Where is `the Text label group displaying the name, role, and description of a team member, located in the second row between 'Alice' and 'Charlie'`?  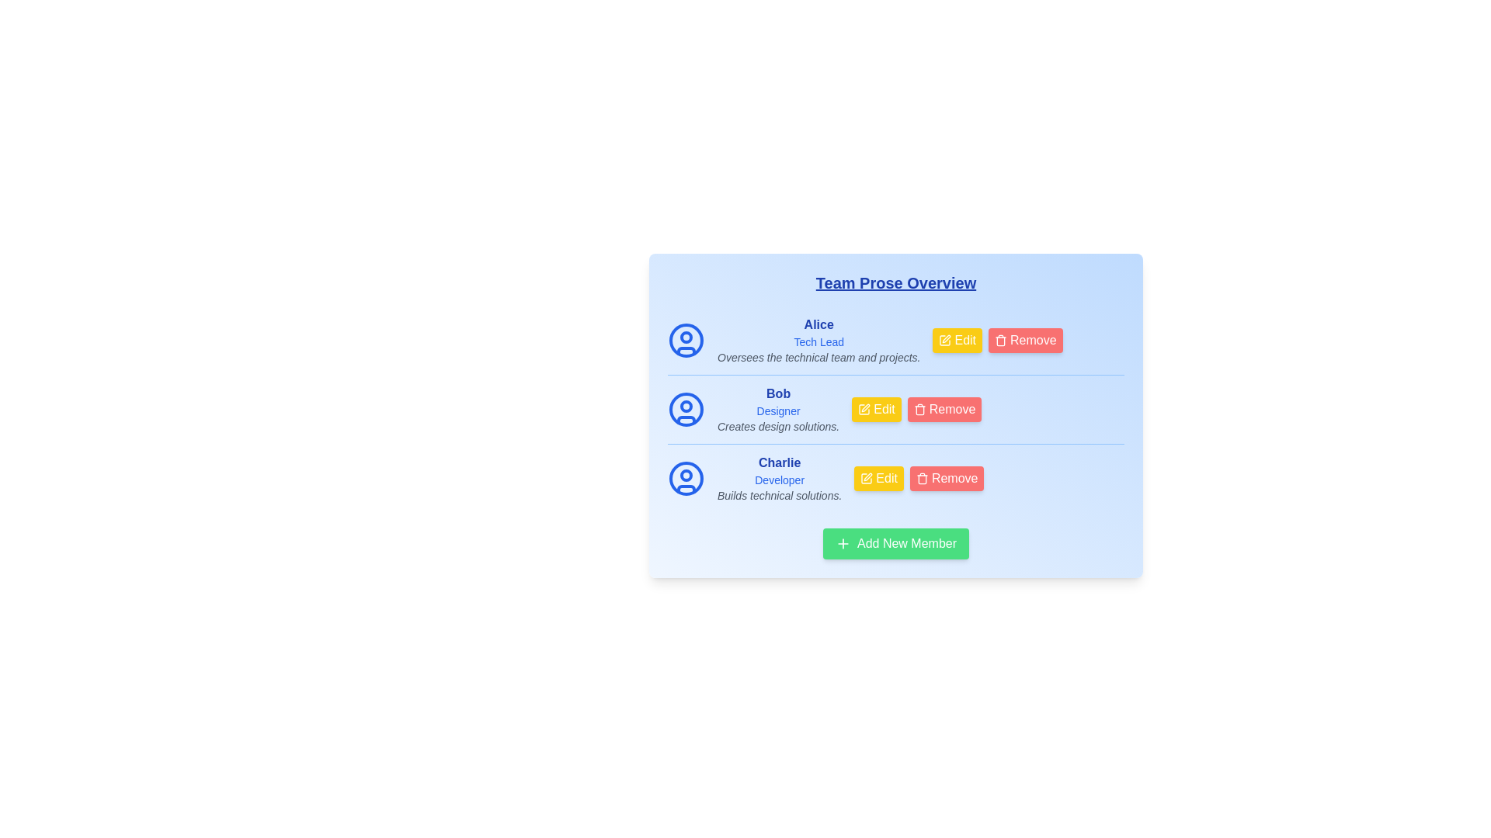 the Text label group displaying the name, role, and description of a team member, located in the second row between 'Alice' and 'Charlie' is located at coordinates (778, 409).